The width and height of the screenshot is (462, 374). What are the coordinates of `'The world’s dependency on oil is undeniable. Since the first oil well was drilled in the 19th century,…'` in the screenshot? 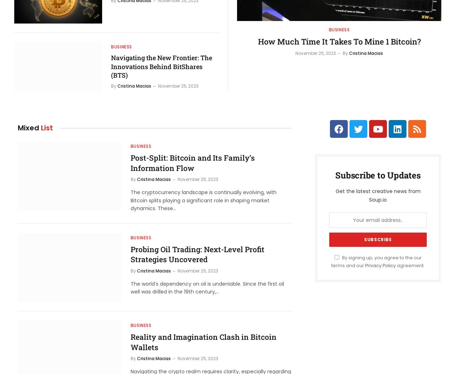 It's located at (130, 287).